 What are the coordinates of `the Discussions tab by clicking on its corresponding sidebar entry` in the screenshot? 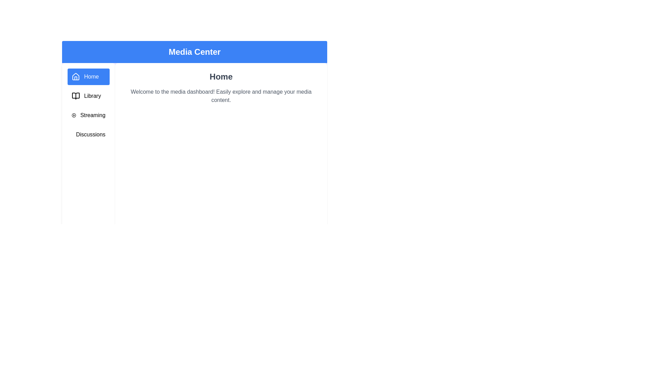 It's located at (88, 134).